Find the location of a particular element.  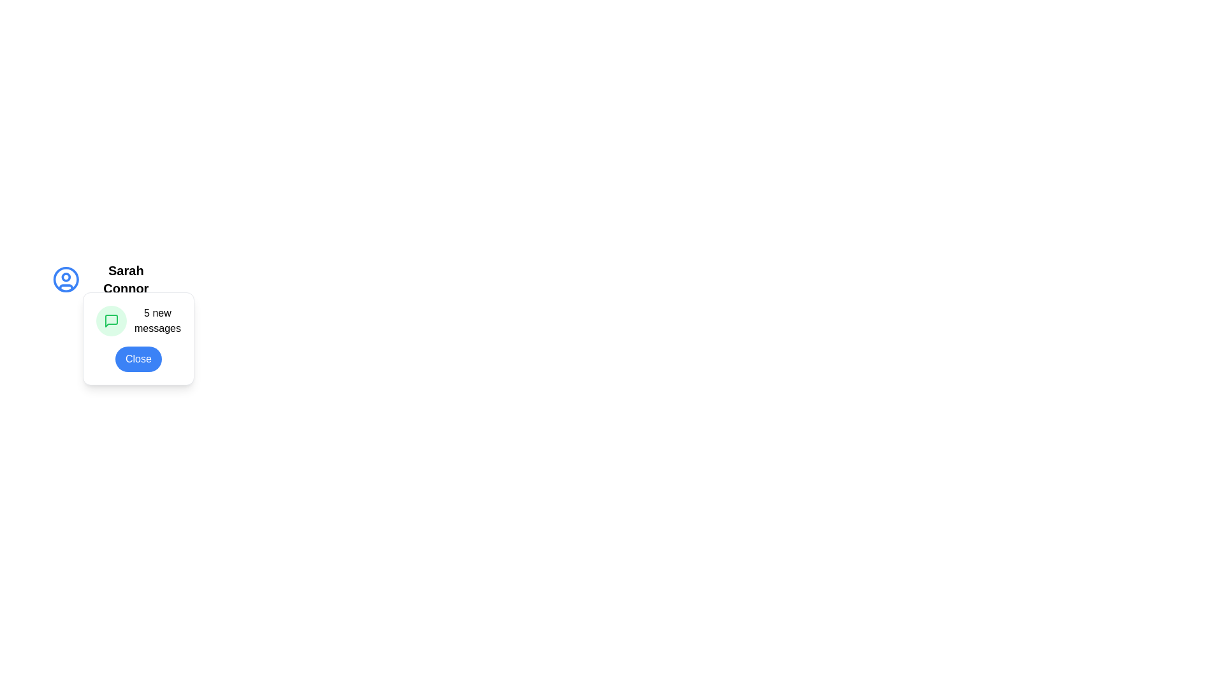

the green message icon, which is styled in a minimalist design and located within a circular background in the left portion of a popup interface, adjacent to the text '5 new messages' is located at coordinates (111, 320).